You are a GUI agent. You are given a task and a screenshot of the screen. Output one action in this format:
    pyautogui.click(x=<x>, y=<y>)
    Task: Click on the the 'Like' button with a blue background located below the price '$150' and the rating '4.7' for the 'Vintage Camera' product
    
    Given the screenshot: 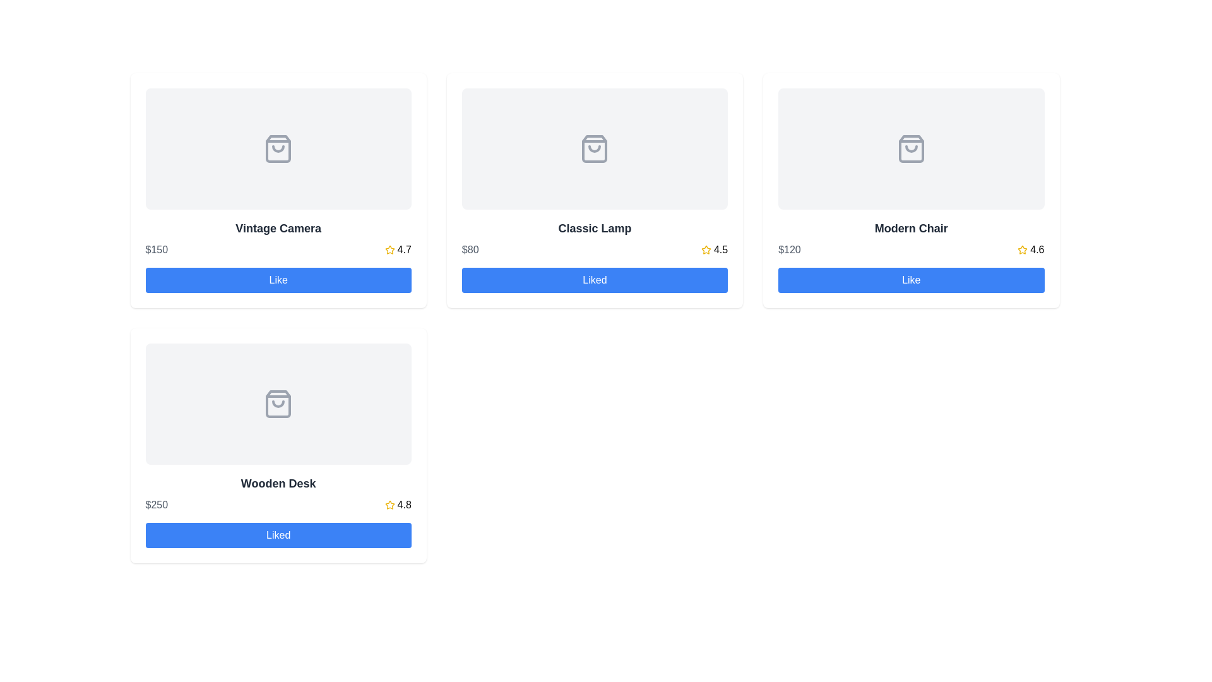 What is the action you would take?
    pyautogui.click(x=278, y=279)
    